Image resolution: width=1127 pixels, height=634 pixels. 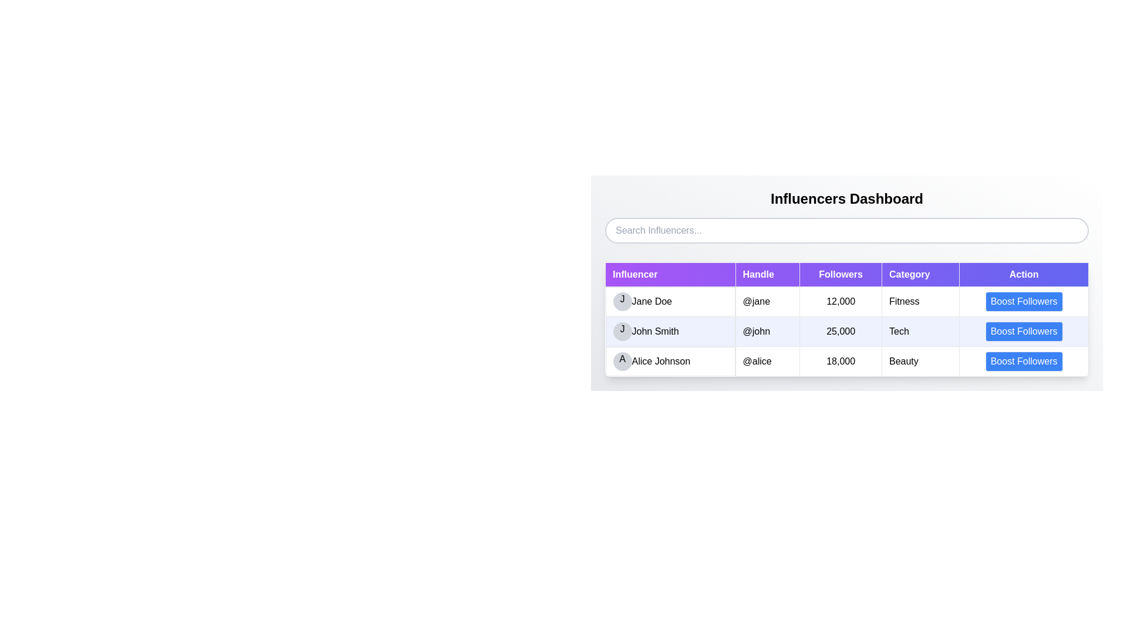 What do you see at coordinates (767, 331) in the screenshot?
I see `the text element containing the handle '@john' formatted in black text against a light blue background, located` at bounding box center [767, 331].